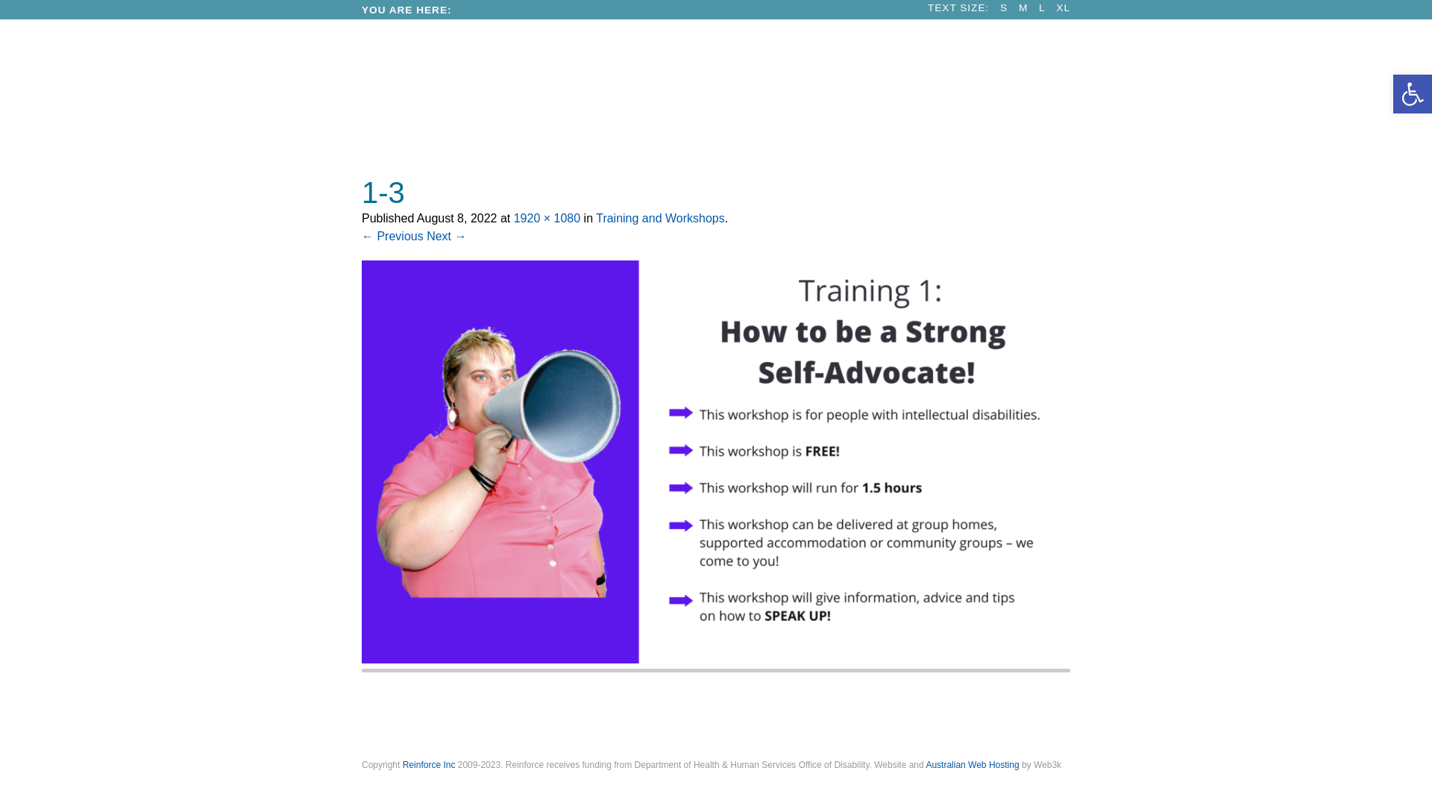 The image size is (1432, 806). What do you see at coordinates (1062, 7) in the screenshot?
I see `'XL'` at bounding box center [1062, 7].